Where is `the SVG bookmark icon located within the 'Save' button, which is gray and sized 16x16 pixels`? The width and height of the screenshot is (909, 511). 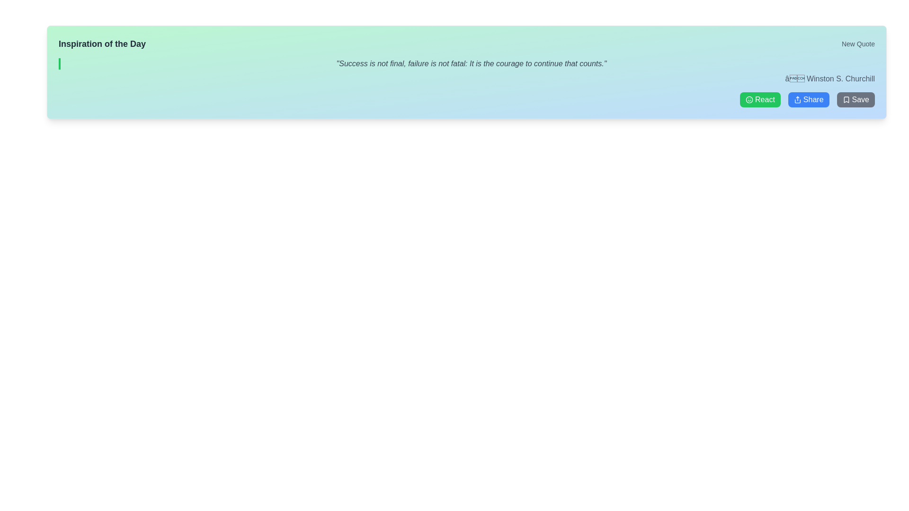
the SVG bookmark icon located within the 'Save' button, which is gray and sized 16x16 pixels is located at coordinates (846, 100).